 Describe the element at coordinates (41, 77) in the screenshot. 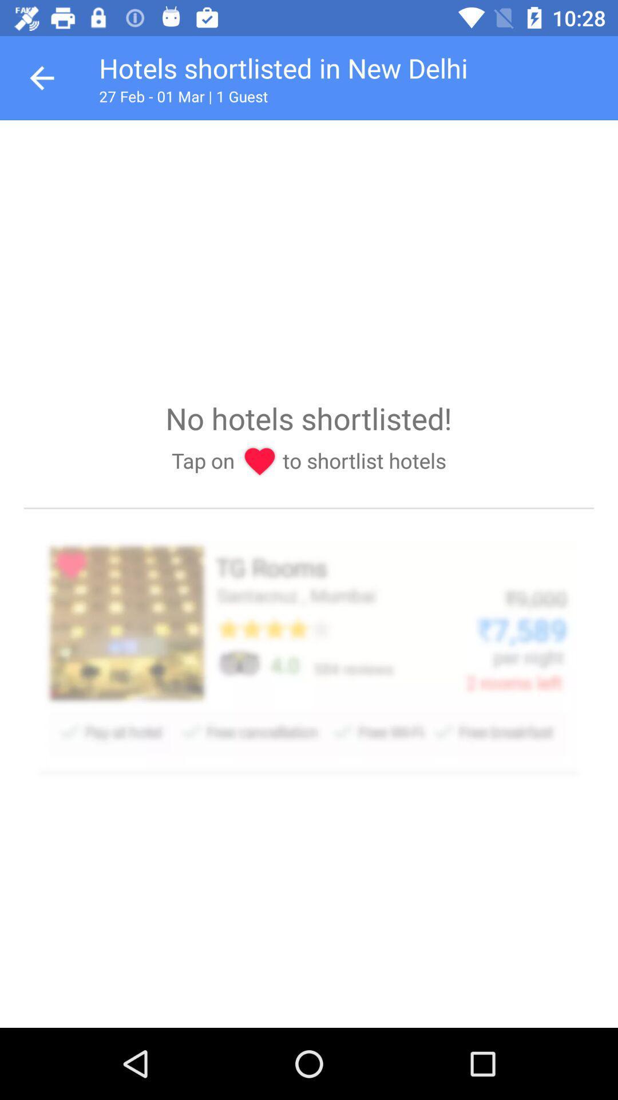

I see `icon next to the hotels shortlisted in` at that location.